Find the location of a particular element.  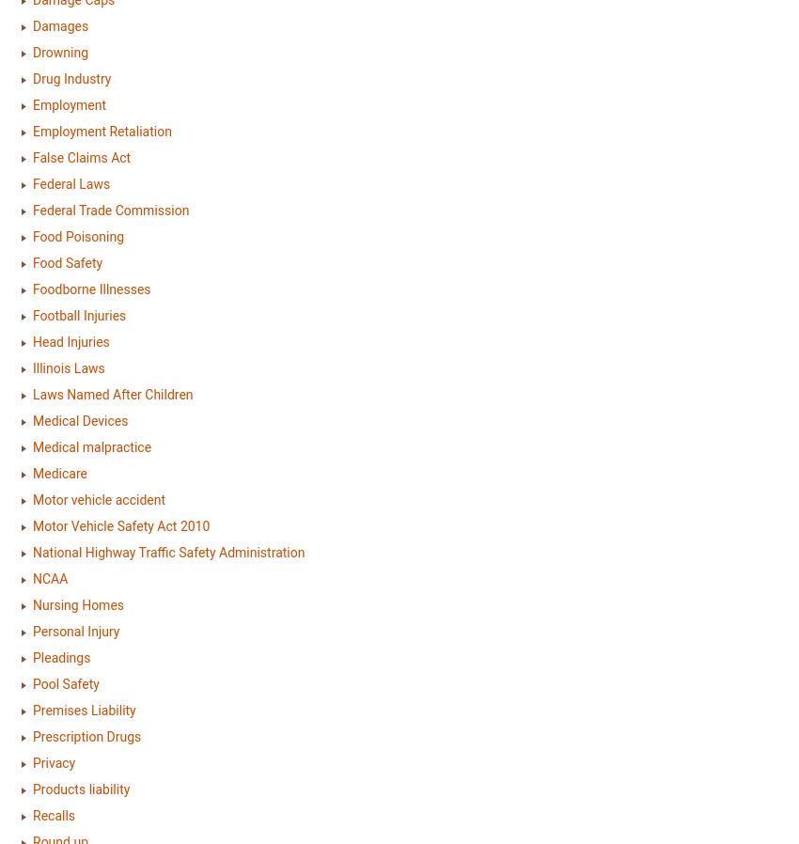

'National Highway Traffic Safety Administration' is located at coordinates (32, 551).